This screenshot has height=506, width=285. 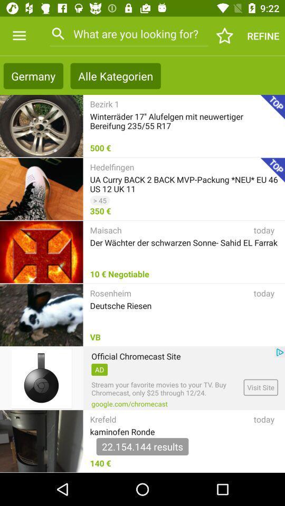 What do you see at coordinates (129, 403) in the screenshot?
I see `item to the left of the visit site item` at bounding box center [129, 403].